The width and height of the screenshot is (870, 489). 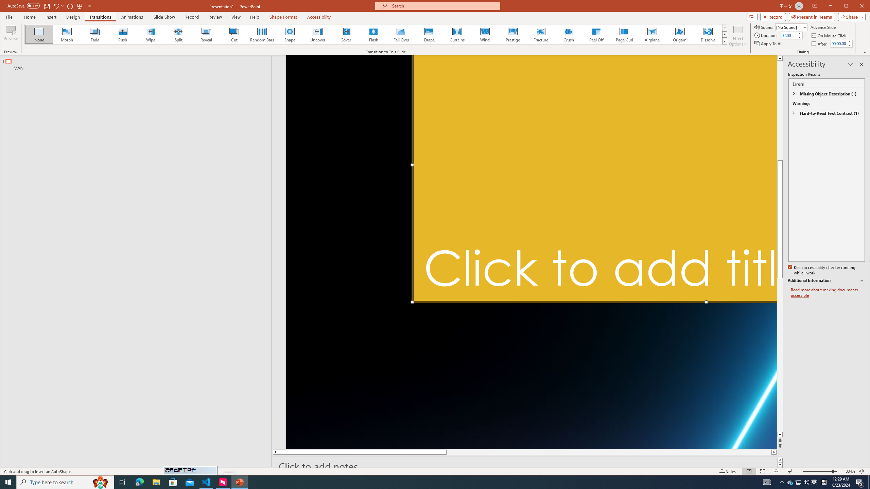 What do you see at coordinates (829, 35) in the screenshot?
I see `'On Mouse Click'` at bounding box center [829, 35].